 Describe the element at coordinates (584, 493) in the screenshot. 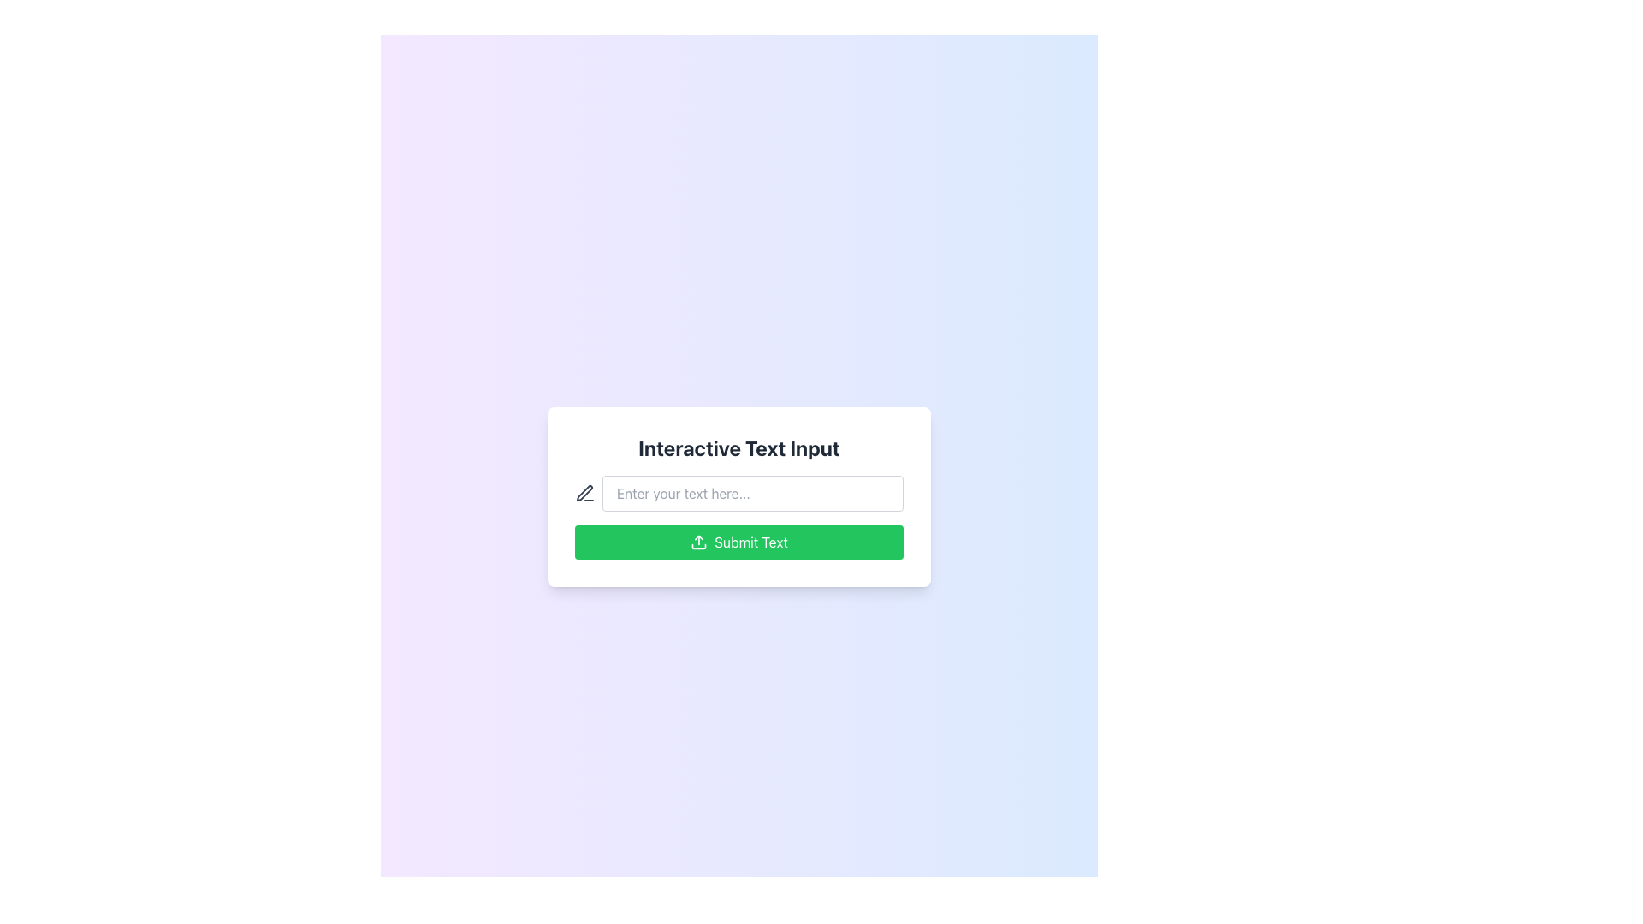

I see `the pen icon located to the left of the text input field labeled 'Enter your text here...'` at that location.